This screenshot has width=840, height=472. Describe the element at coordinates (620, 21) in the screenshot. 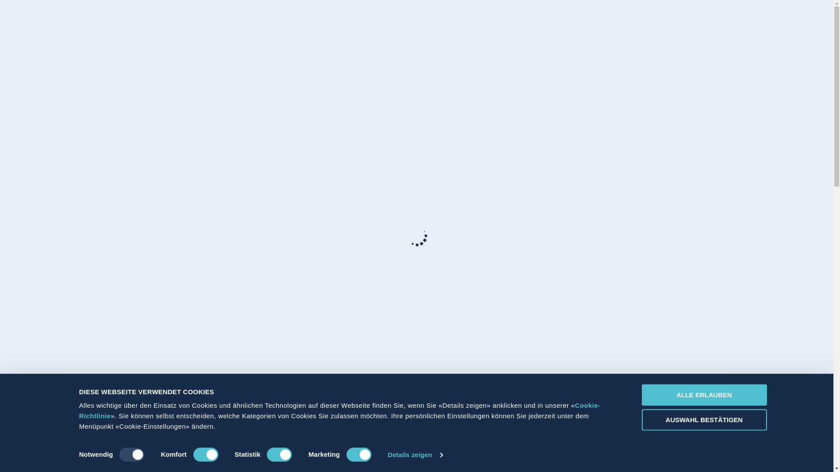

I see `'FR'` at that location.